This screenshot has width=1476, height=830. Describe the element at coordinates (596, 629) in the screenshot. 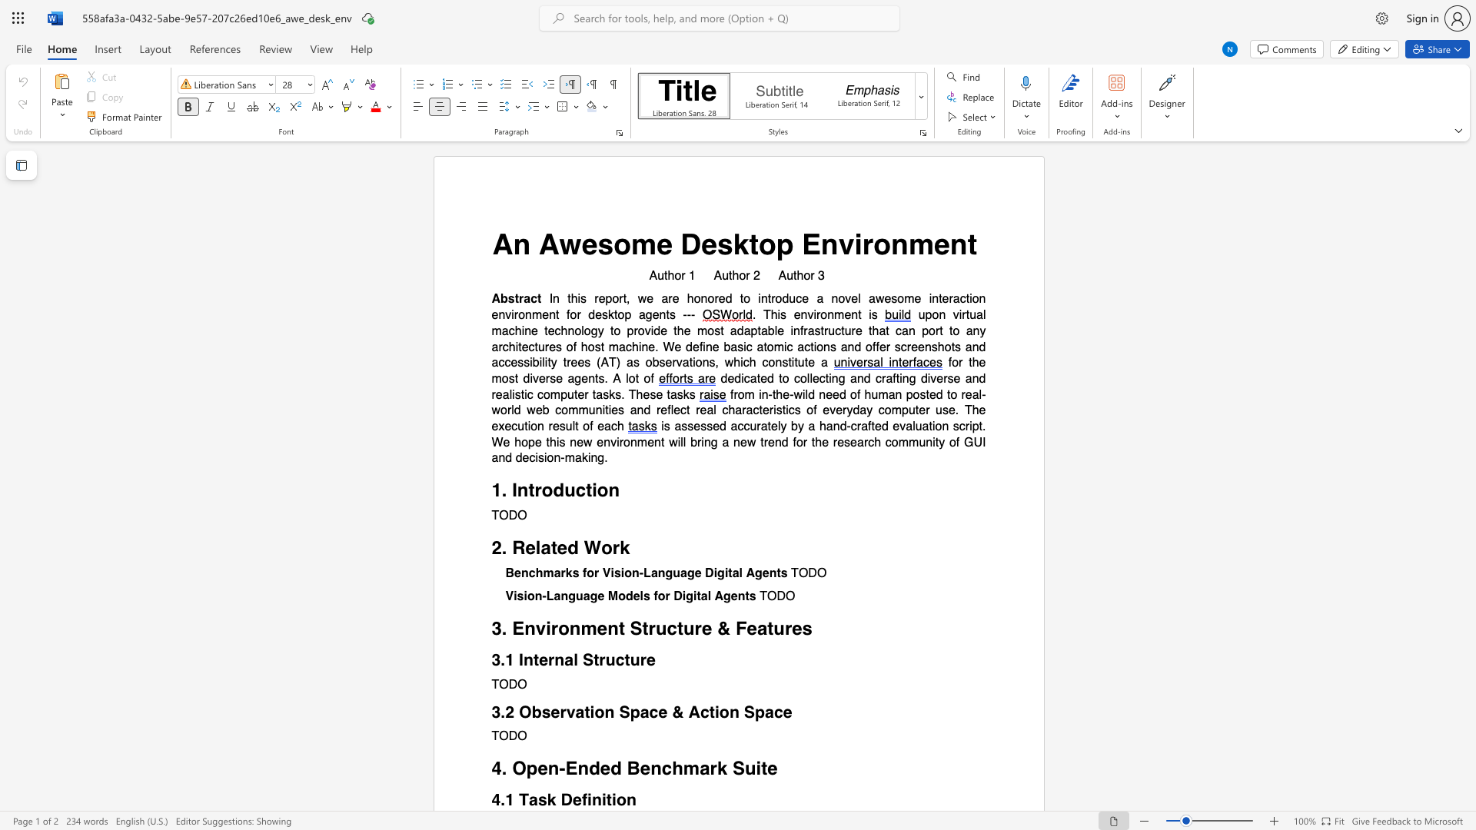

I see `the subset text "ent Stru" within the text "3. Environment Structure & Features"` at that location.